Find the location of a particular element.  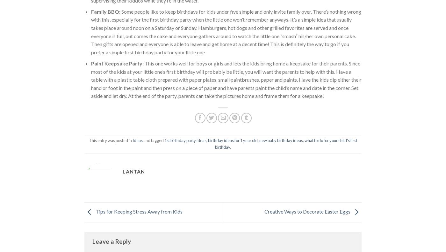

'.' is located at coordinates (230, 146).